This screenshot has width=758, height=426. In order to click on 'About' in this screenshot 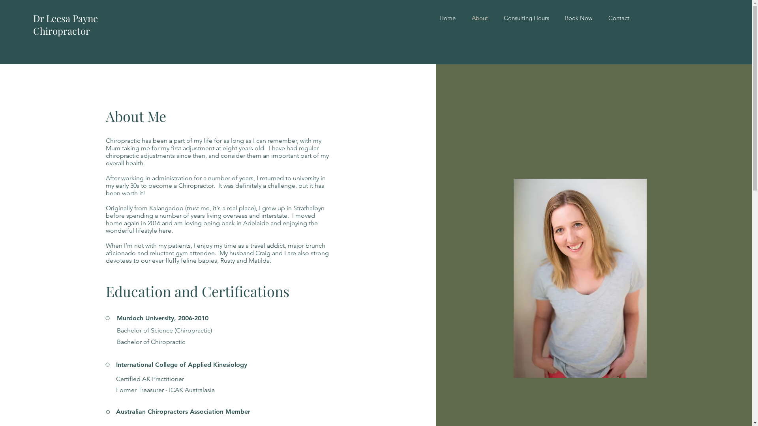, I will do `click(479, 18)`.